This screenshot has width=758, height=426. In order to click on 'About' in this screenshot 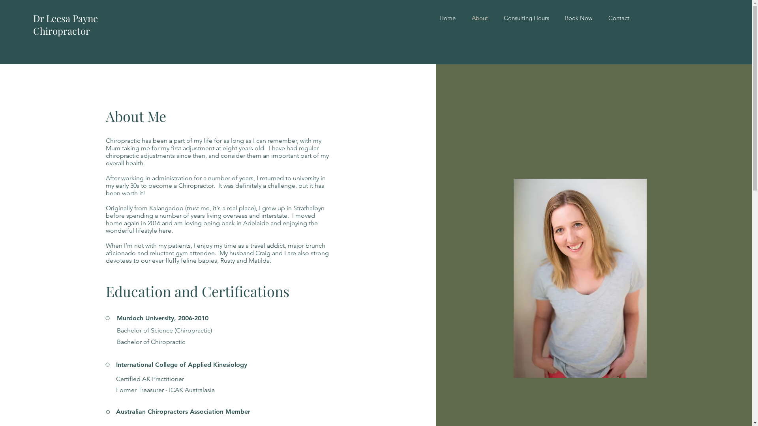, I will do `click(479, 18)`.